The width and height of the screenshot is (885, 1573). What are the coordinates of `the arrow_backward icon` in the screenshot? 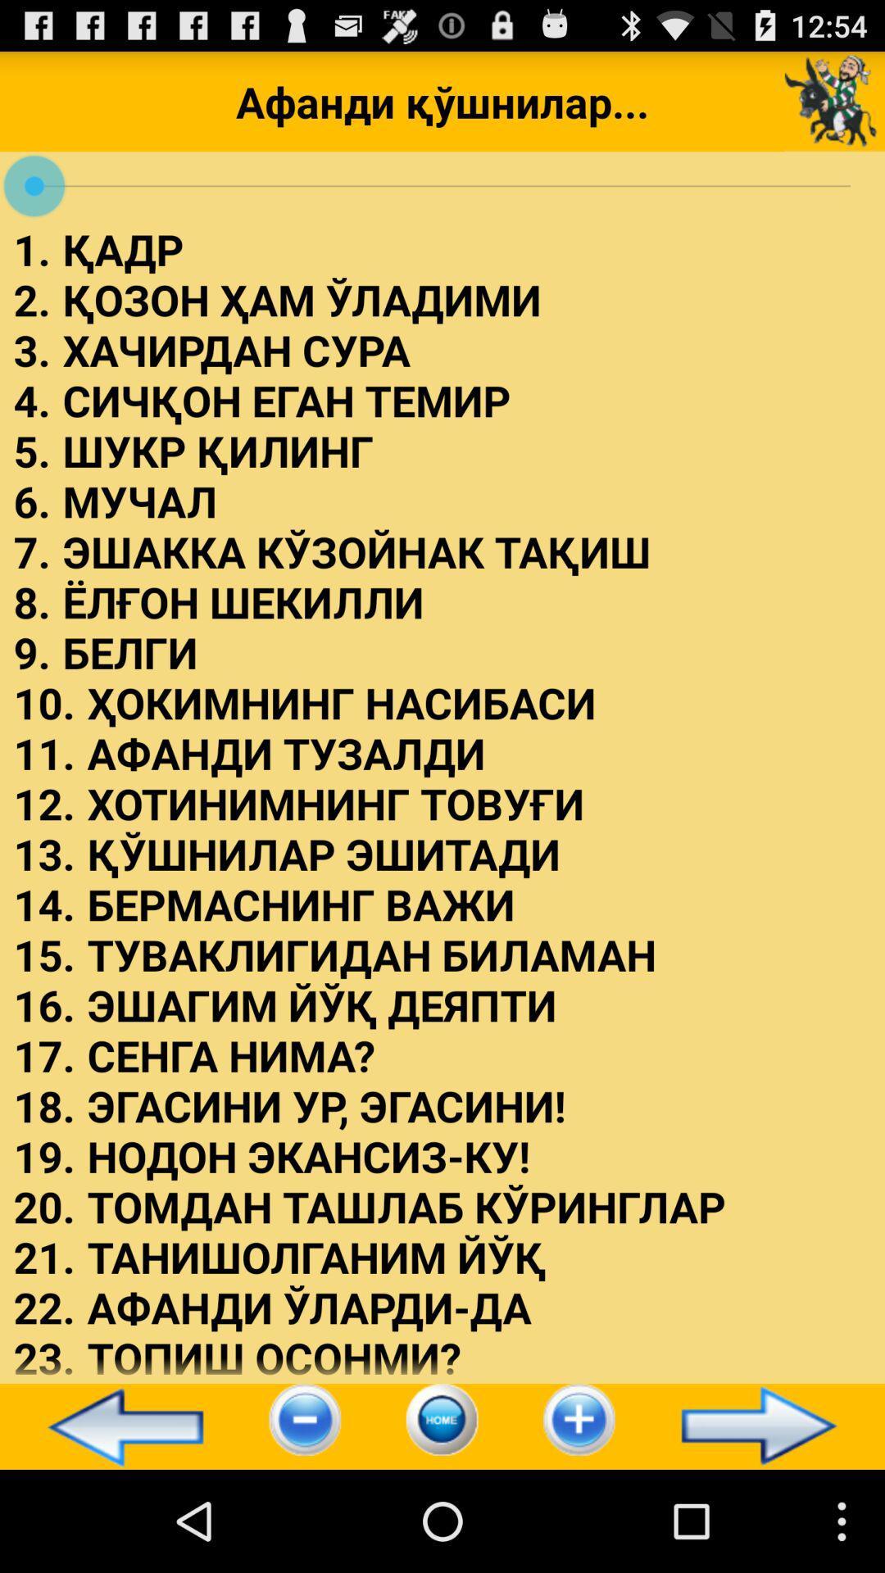 It's located at (117, 1525).